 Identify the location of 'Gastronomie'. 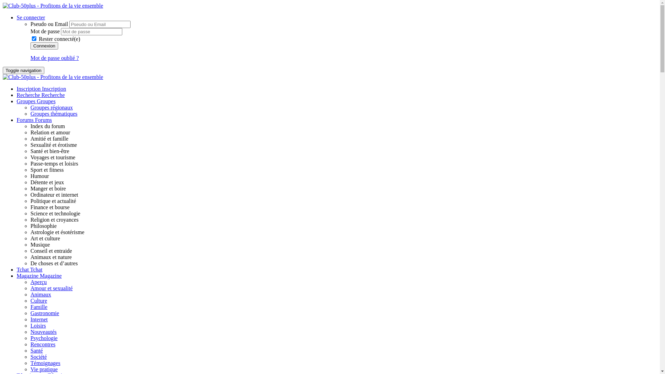
(44, 313).